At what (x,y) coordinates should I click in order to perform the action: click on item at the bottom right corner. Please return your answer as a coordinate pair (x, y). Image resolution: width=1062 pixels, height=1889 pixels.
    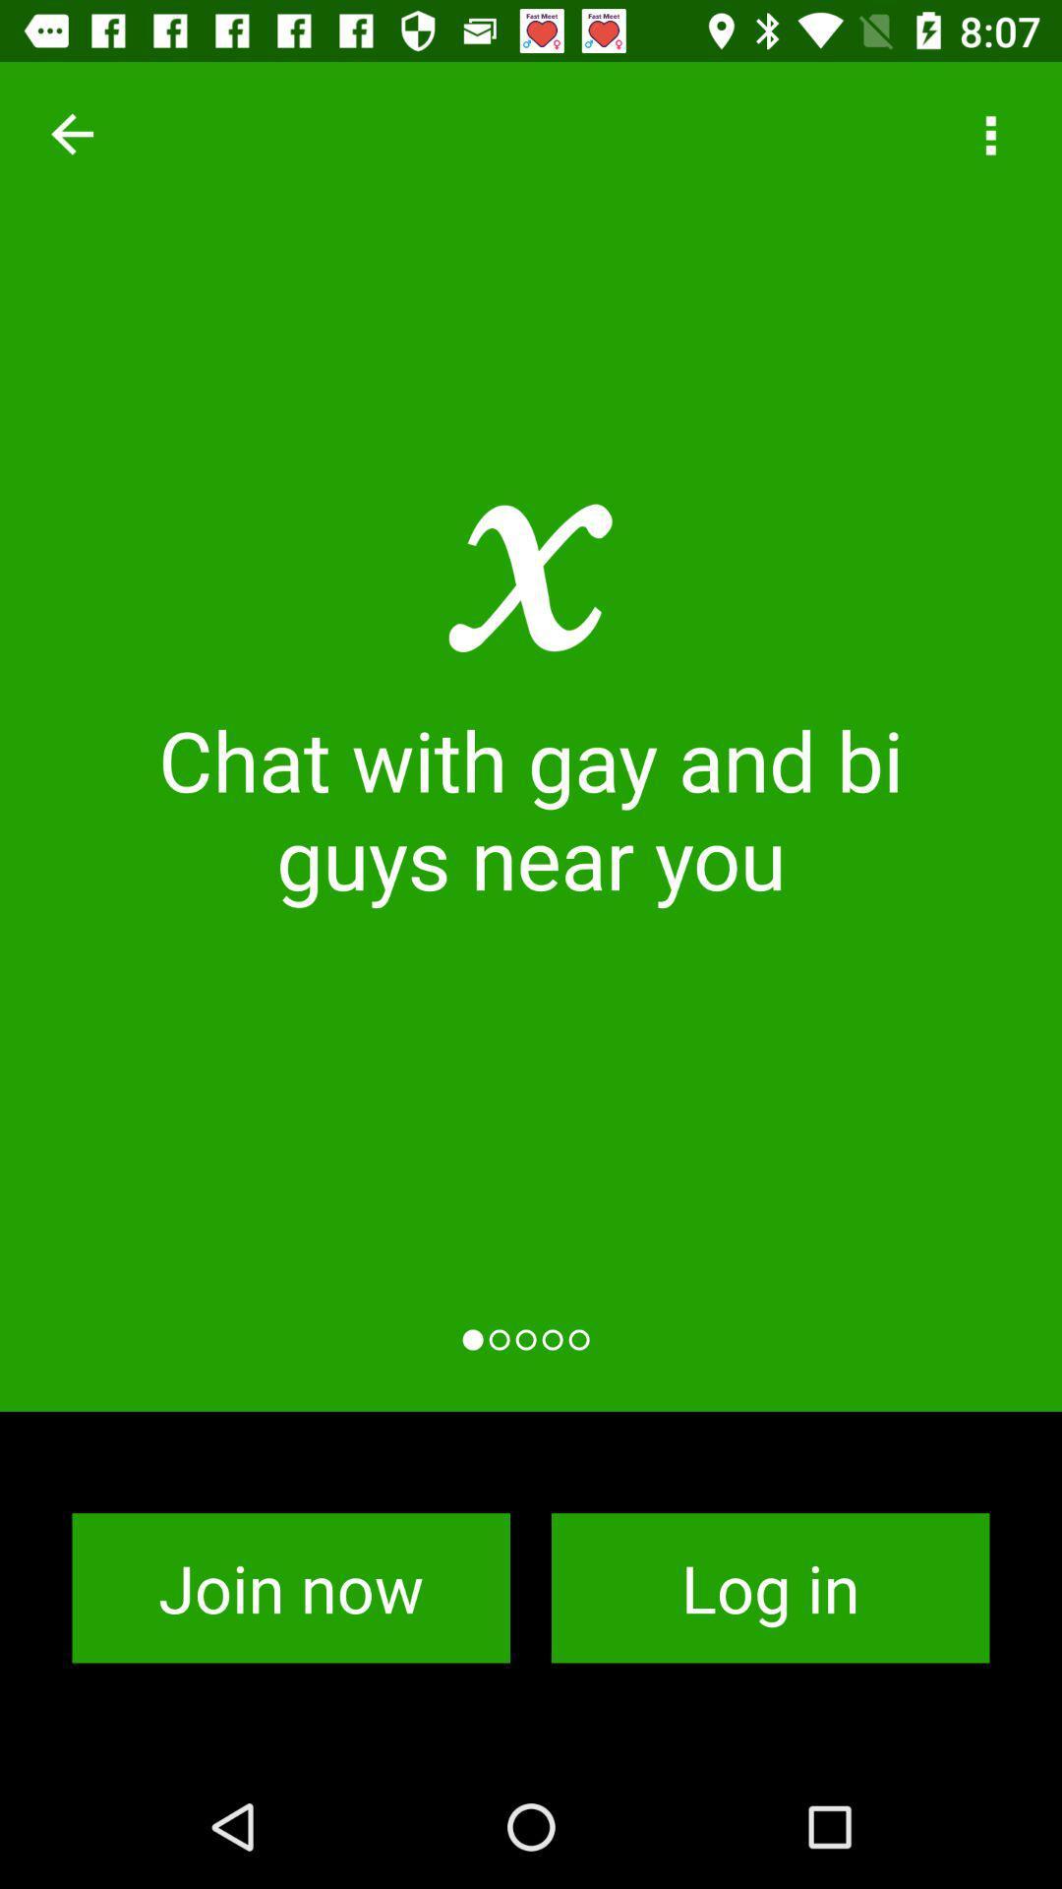
    Looking at the image, I should click on (769, 1588).